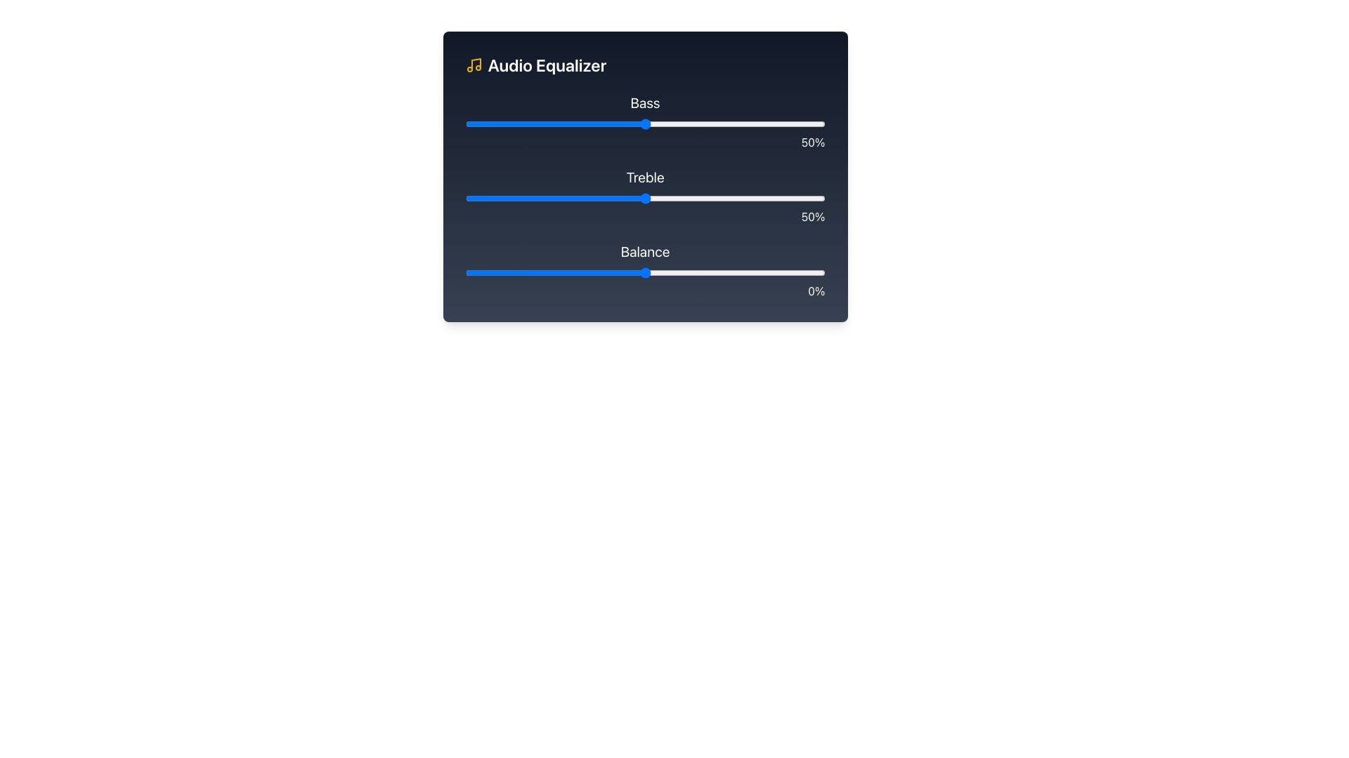 The width and height of the screenshot is (1349, 758). I want to click on balance, so click(580, 273).